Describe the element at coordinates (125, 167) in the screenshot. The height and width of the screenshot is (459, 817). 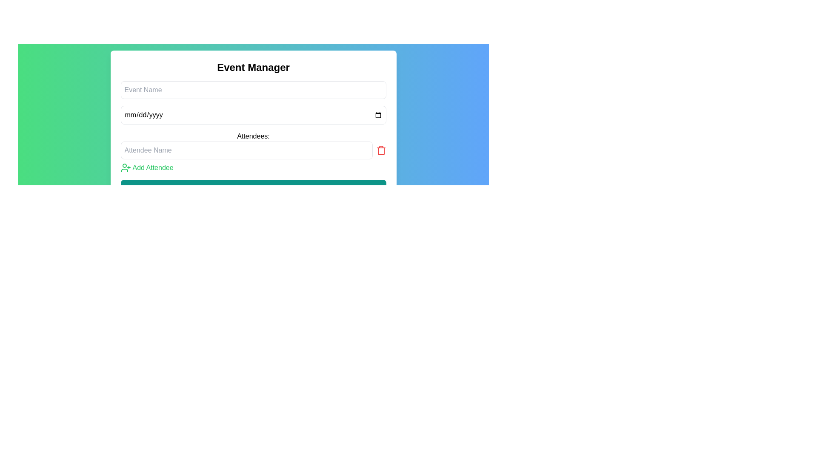
I see `the icon representing the function to add an attendee, located within the 'Add Attendee' component, positioned to the far left under the 'Attendee Name' input field` at that location.